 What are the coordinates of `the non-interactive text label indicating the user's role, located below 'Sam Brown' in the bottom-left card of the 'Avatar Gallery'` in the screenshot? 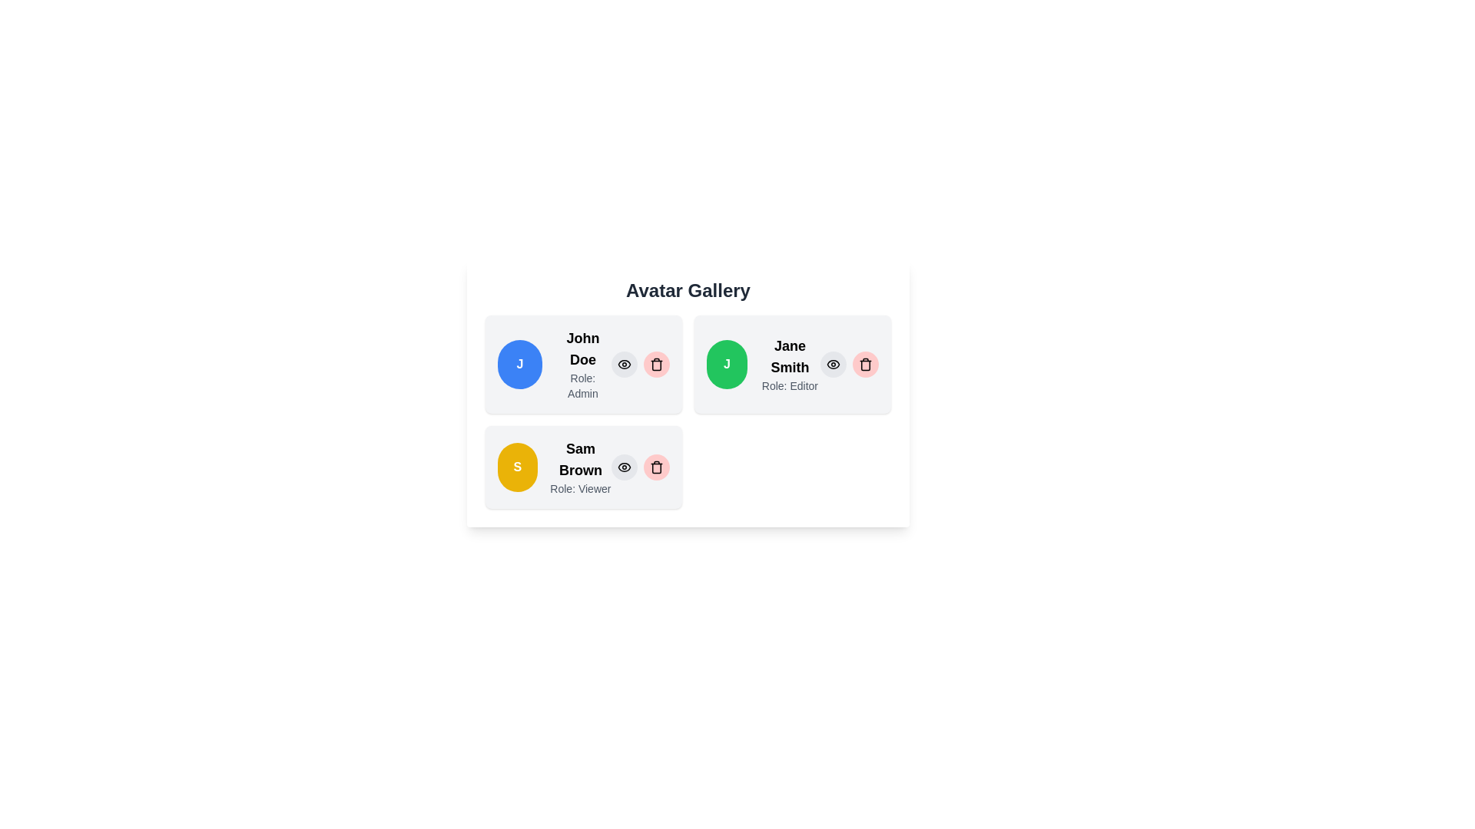 It's located at (579, 488).